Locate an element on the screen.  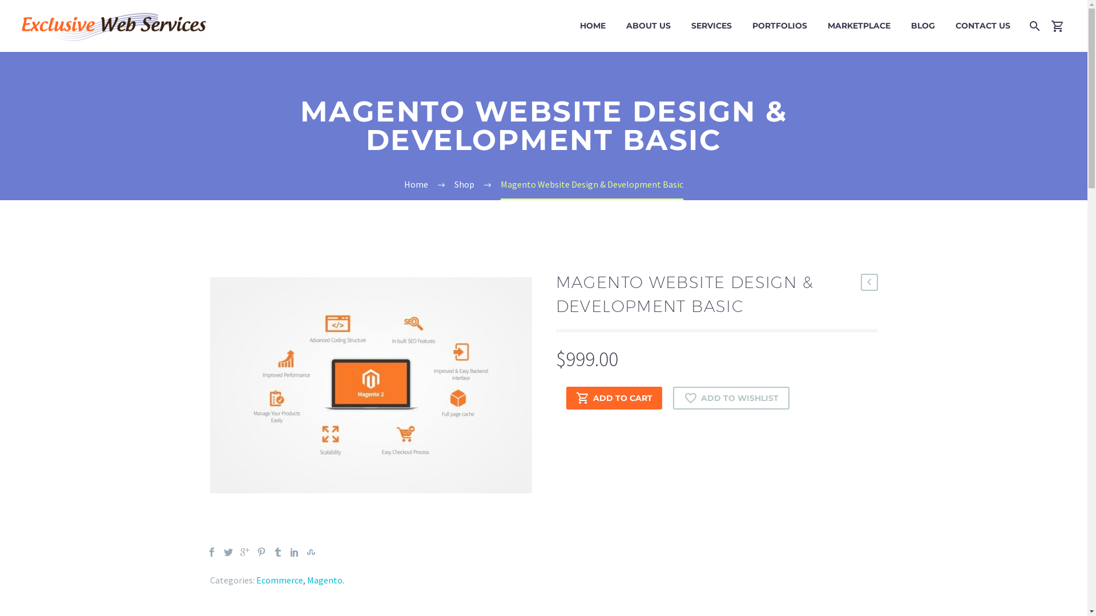
'Tumblr' is located at coordinates (277, 552).